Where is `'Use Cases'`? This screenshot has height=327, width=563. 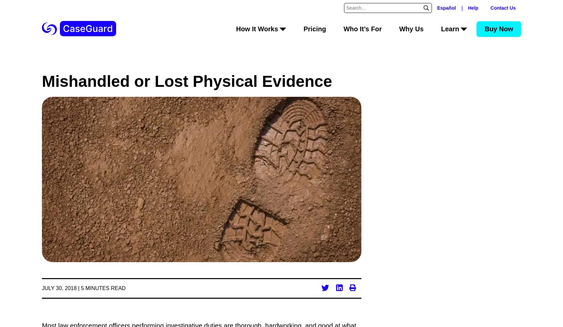
'Use Cases' is located at coordinates (261, 109).